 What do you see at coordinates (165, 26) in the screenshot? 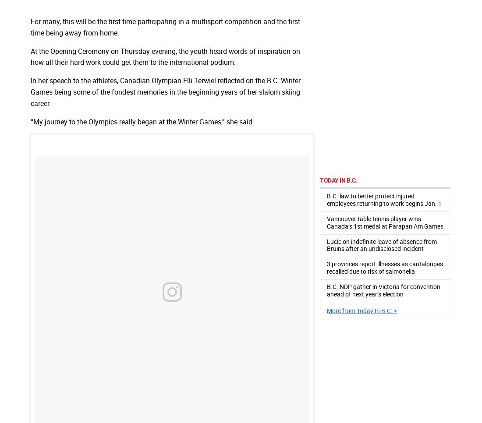
I see `'For many, this will be the first time participating in a multisport competition and the first time being away from home.'` at bounding box center [165, 26].